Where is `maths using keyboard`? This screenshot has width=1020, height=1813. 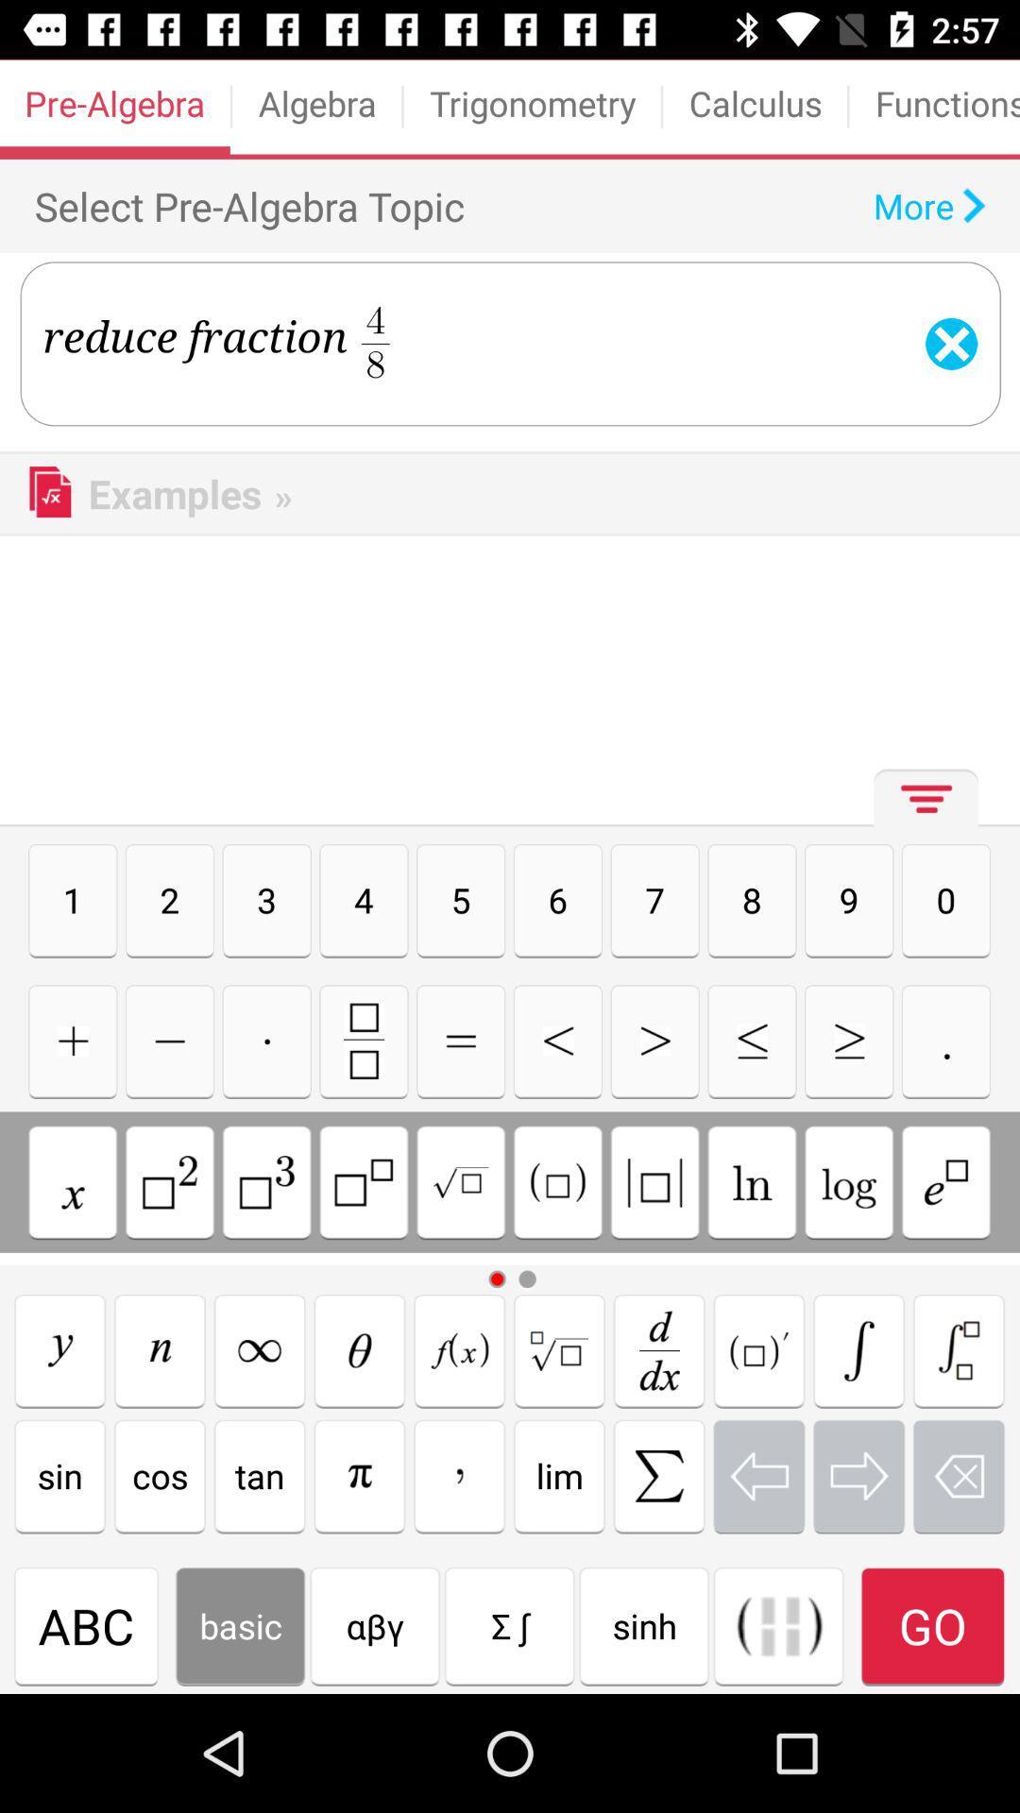
maths using keyboard is located at coordinates (848, 1181).